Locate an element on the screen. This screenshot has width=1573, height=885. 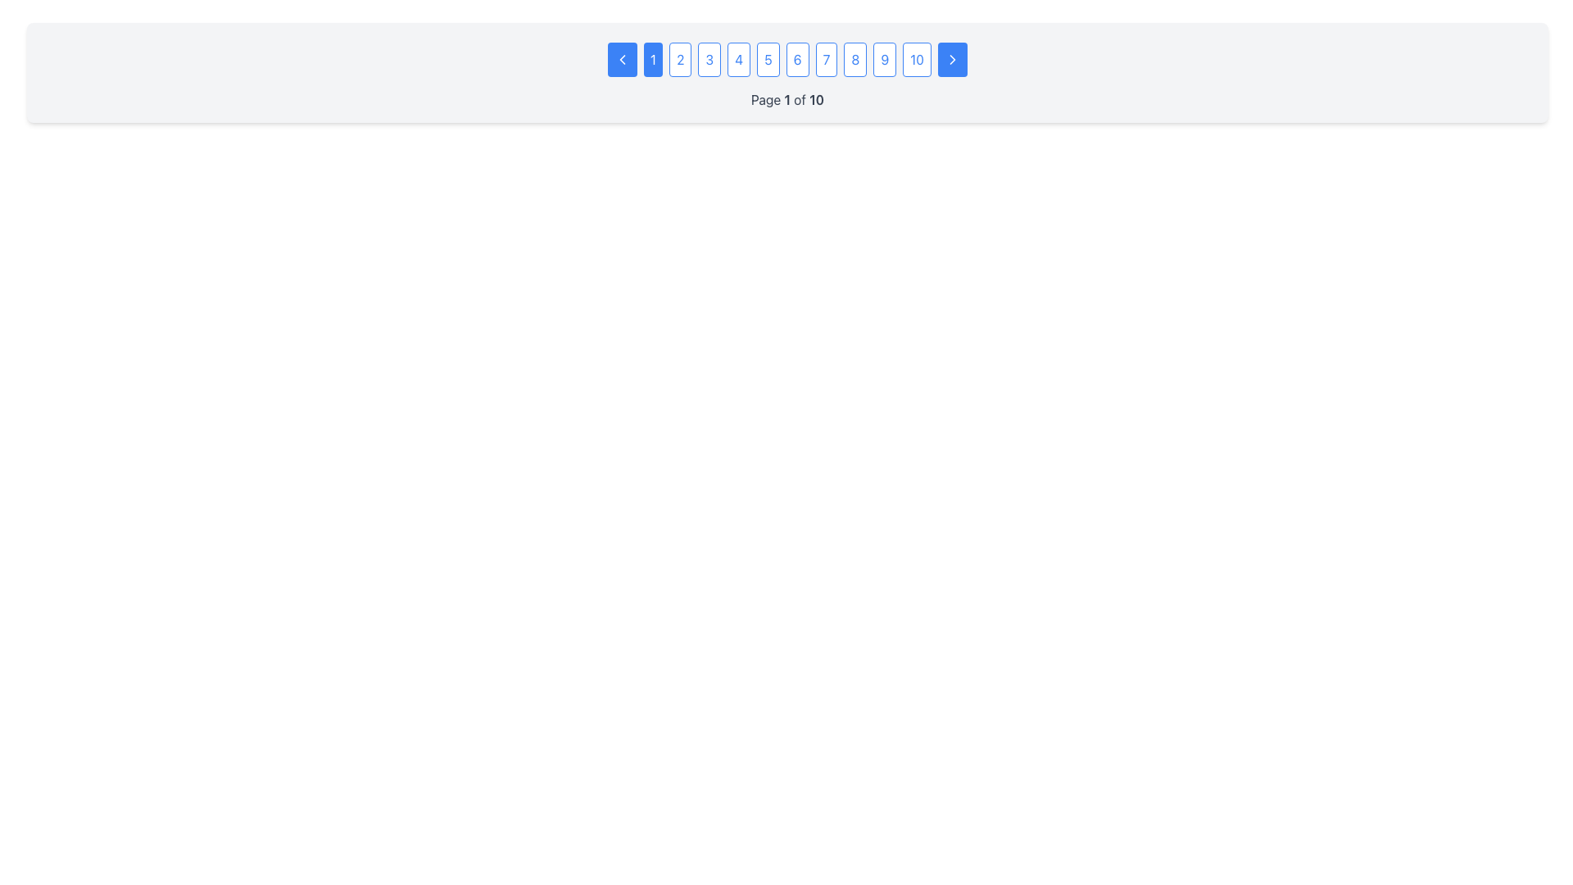
the button labeled '9' in the pagination control is located at coordinates (884, 59).